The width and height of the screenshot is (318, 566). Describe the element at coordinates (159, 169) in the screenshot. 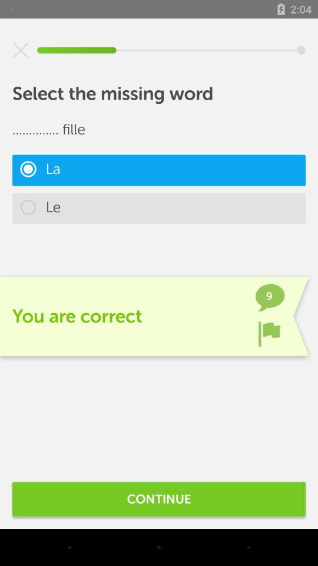

I see `the item above the le icon` at that location.